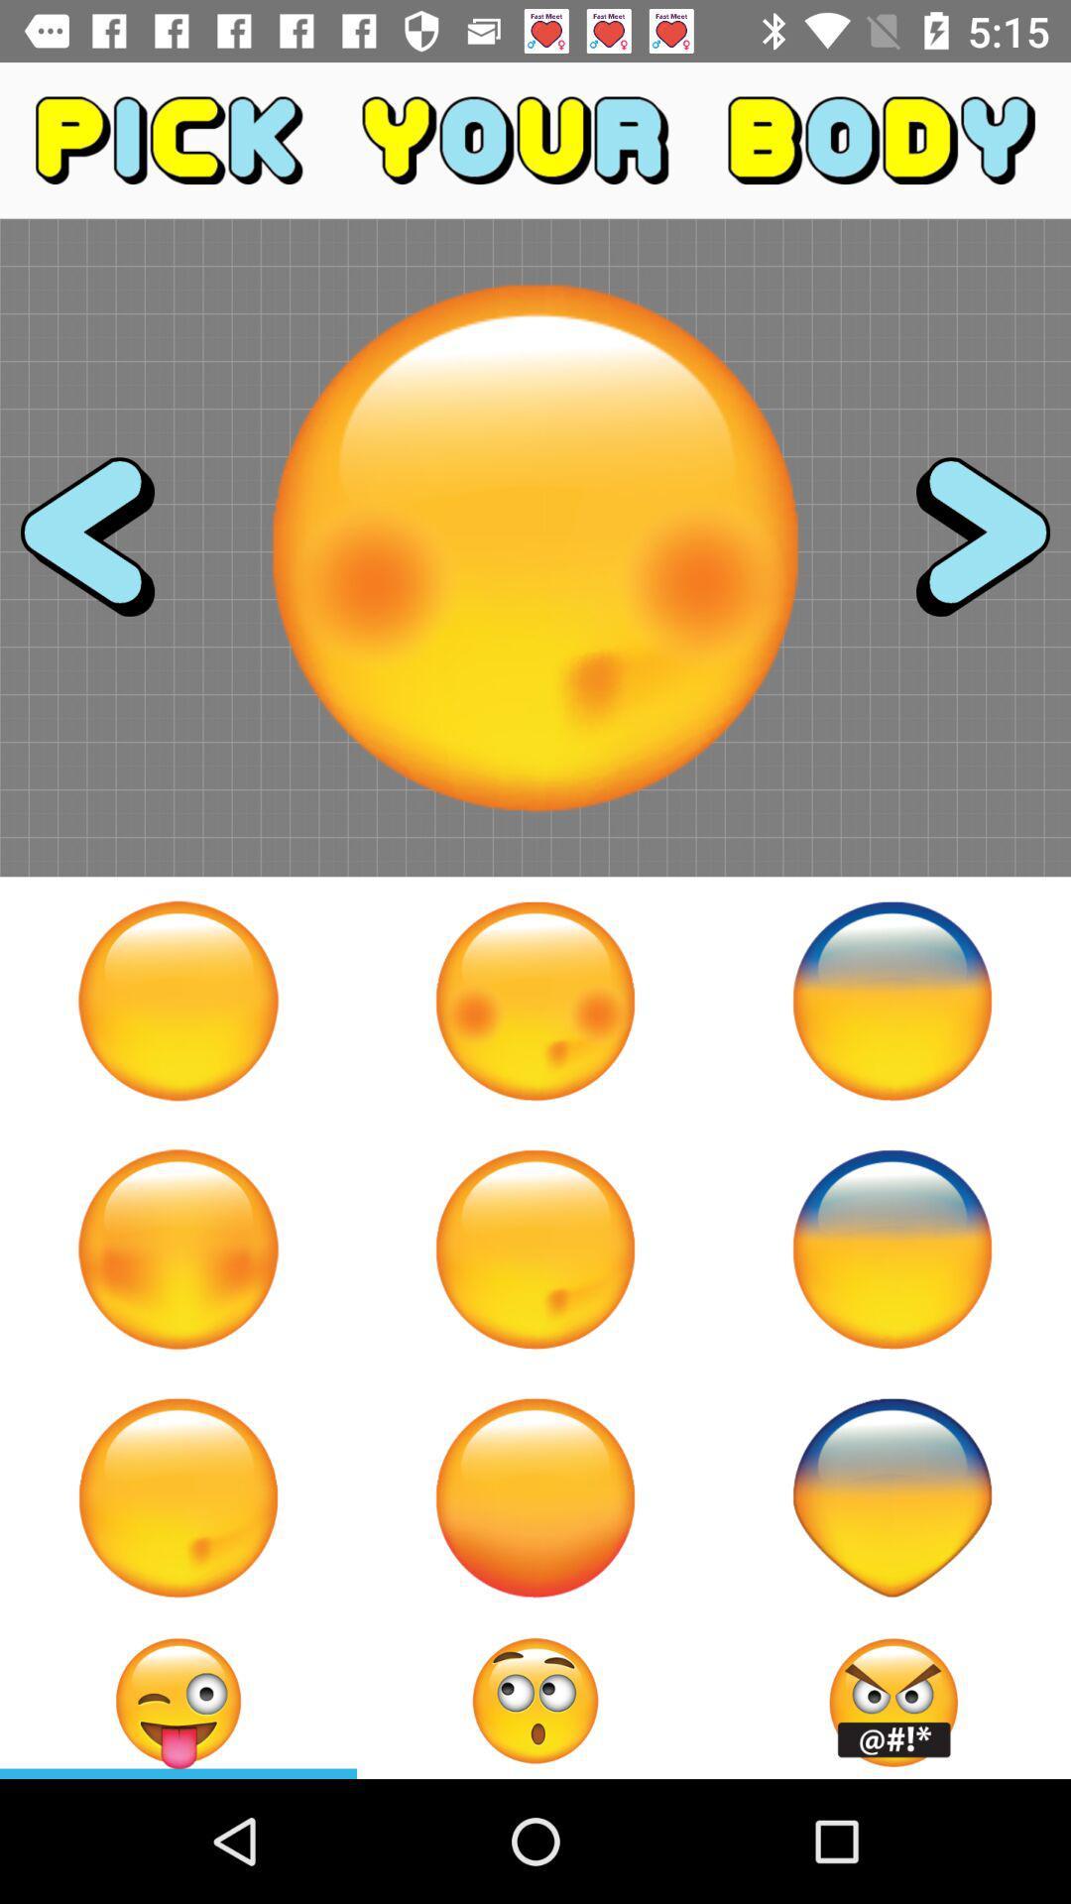 This screenshot has height=1904, width=1071. Describe the element at coordinates (178, 1700) in the screenshot. I see `the emoji` at that location.